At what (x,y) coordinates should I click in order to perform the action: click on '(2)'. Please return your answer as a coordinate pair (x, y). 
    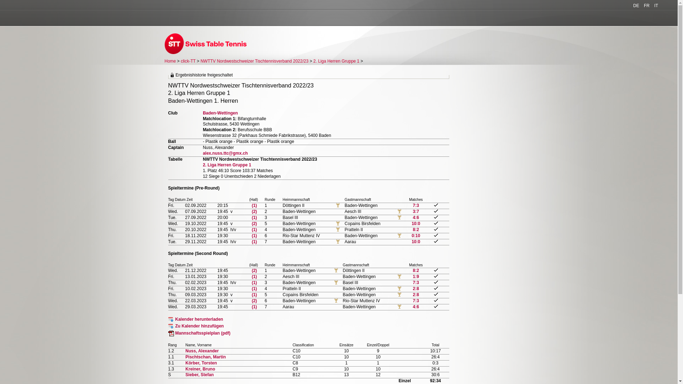
    Looking at the image, I should click on (252, 223).